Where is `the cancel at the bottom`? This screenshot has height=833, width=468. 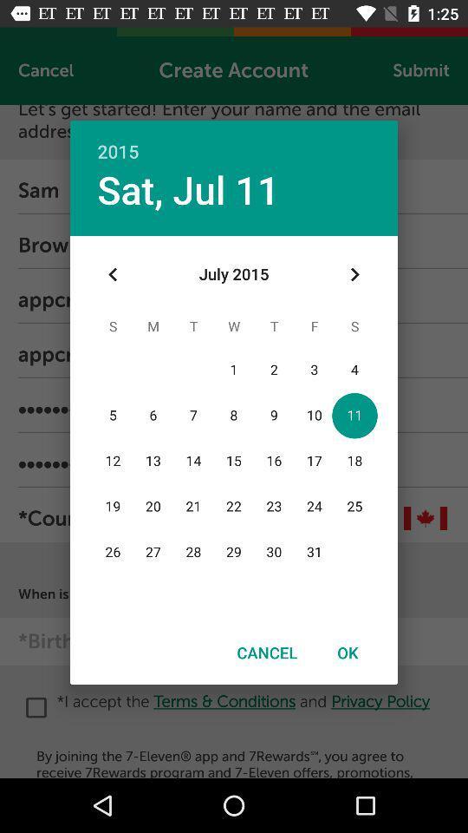
the cancel at the bottom is located at coordinates (267, 652).